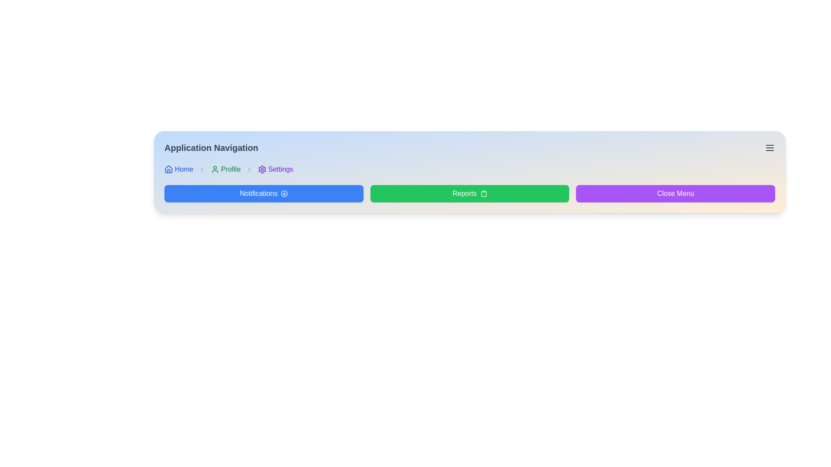 The width and height of the screenshot is (831, 467). What do you see at coordinates (483, 193) in the screenshot?
I see `the green button that contains the clipboard-shaped icon located to the right of the text 'Reports'` at bounding box center [483, 193].